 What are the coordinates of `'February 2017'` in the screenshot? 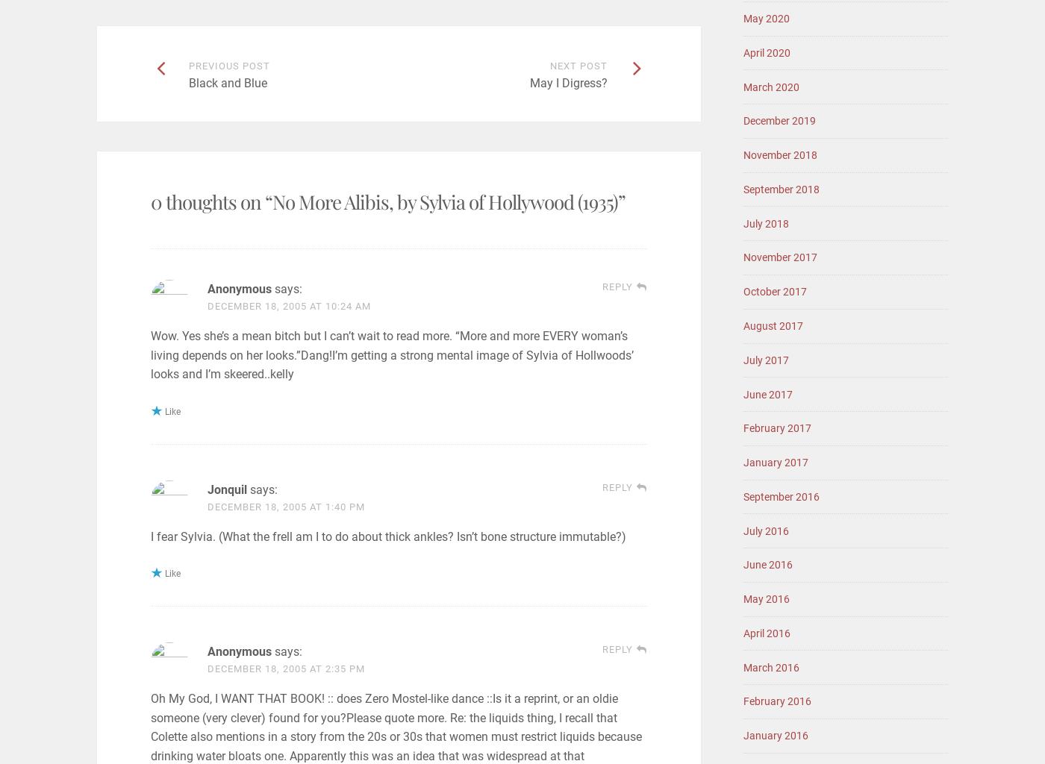 It's located at (777, 427).